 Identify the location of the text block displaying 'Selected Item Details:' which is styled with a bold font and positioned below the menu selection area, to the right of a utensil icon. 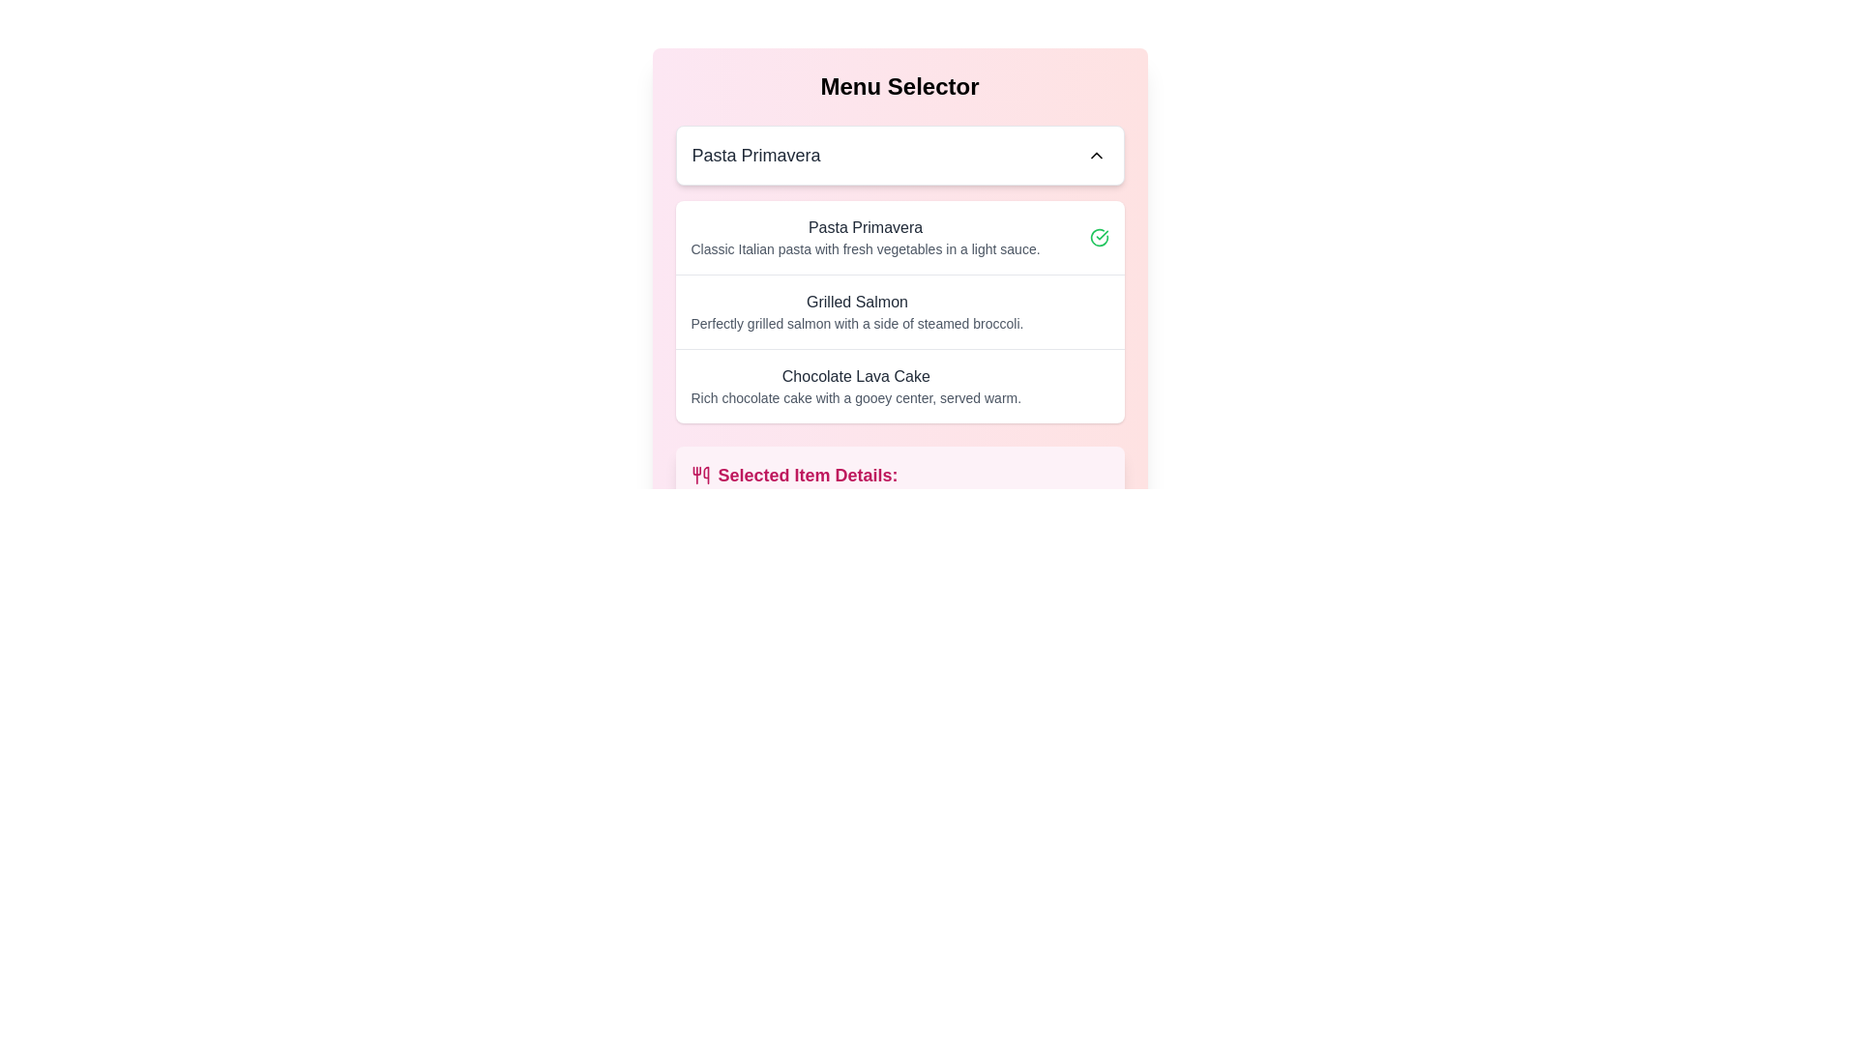
(808, 476).